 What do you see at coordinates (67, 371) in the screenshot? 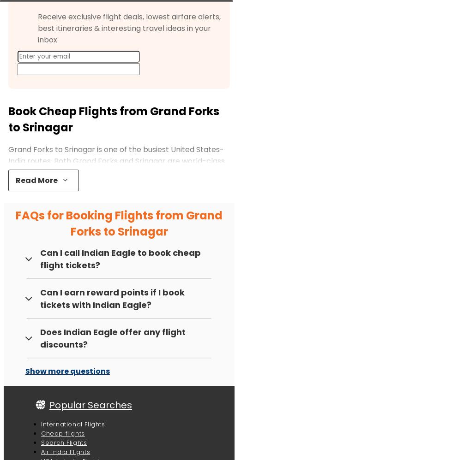
I see `'Show more questions'` at bounding box center [67, 371].